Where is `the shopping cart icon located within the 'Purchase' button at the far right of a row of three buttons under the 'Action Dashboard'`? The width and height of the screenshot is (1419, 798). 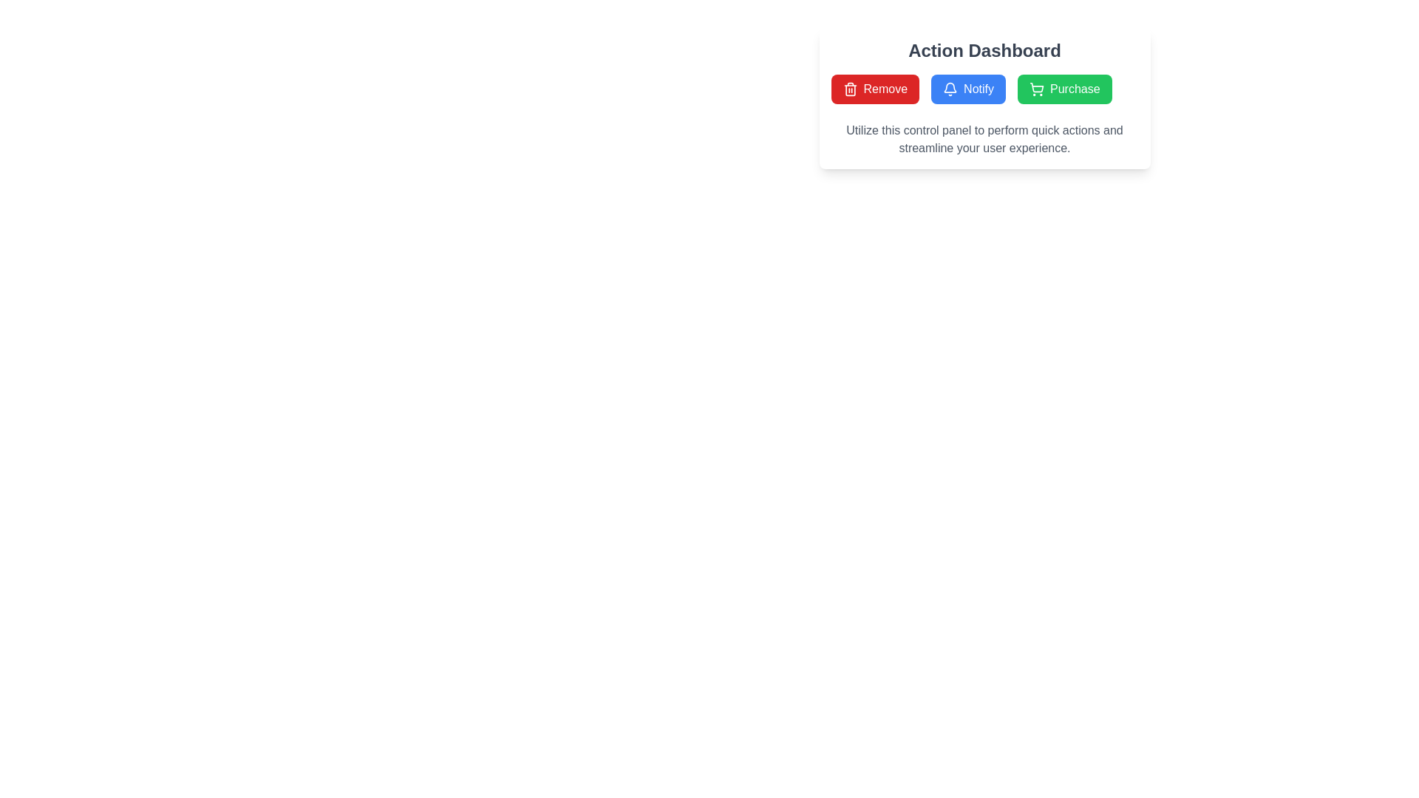 the shopping cart icon located within the 'Purchase' button at the far right of a row of three buttons under the 'Action Dashboard' is located at coordinates (1036, 87).